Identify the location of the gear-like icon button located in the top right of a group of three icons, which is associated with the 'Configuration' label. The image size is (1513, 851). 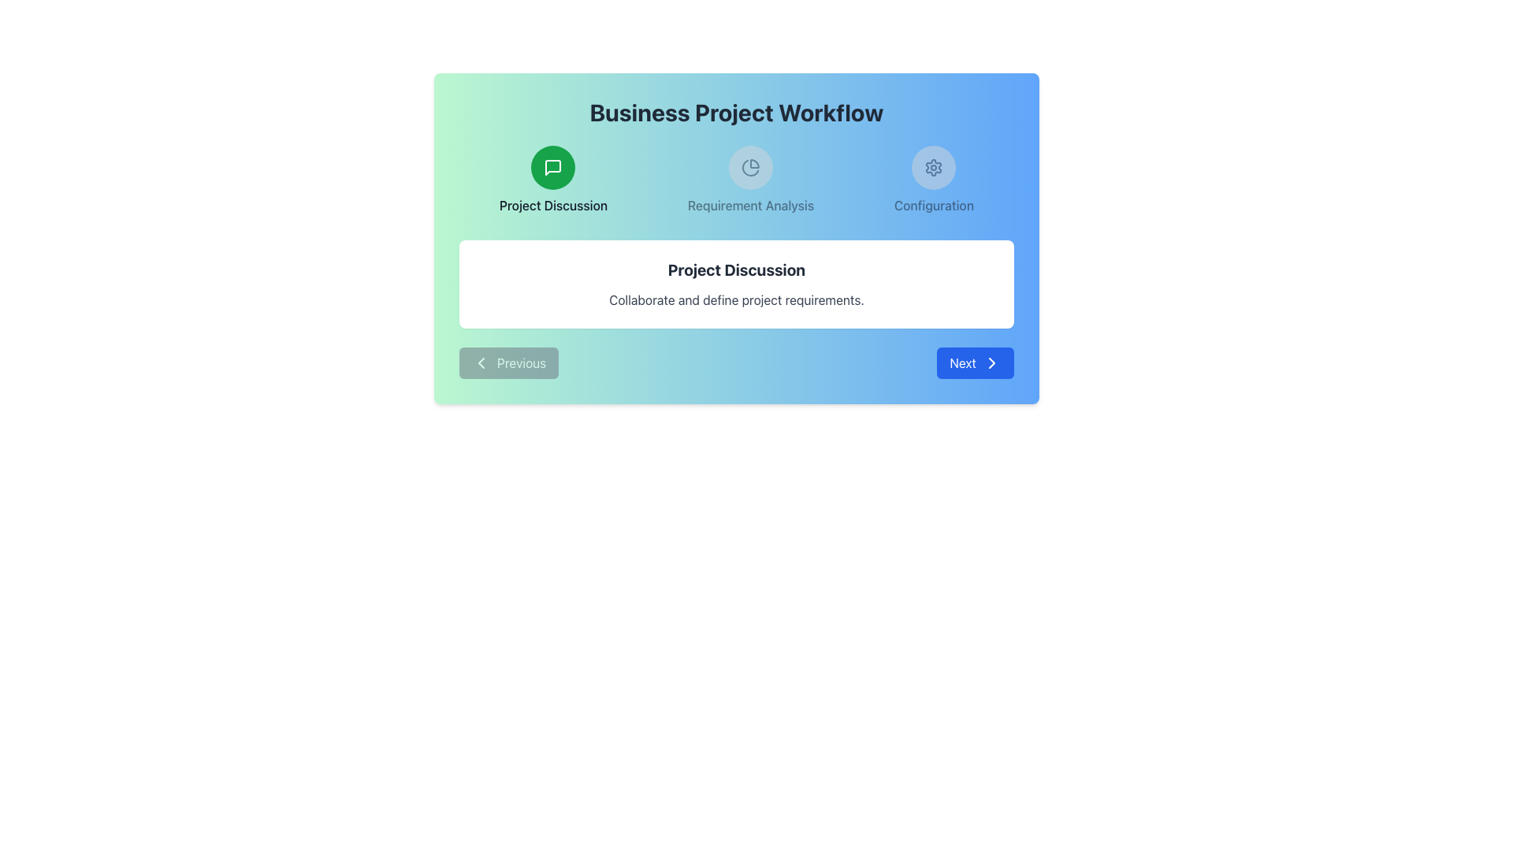
(934, 167).